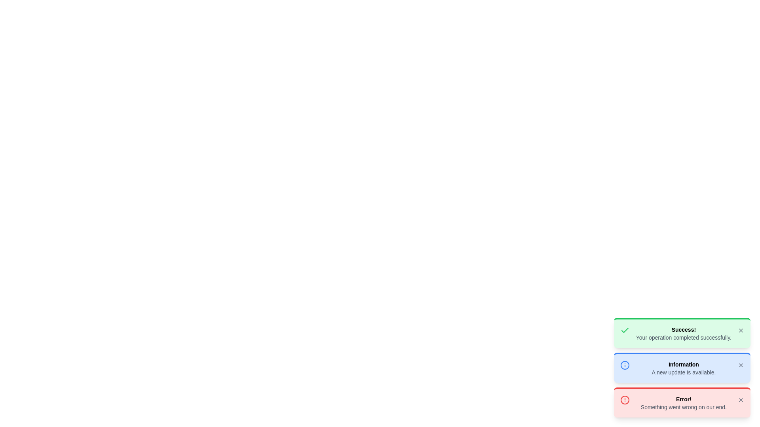 Image resolution: width=760 pixels, height=427 pixels. Describe the element at coordinates (683, 407) in the screenshot. I see `error message 'Something went wrong on our end.' displayed in the light gray text label within the red-themed notification box` at that location.